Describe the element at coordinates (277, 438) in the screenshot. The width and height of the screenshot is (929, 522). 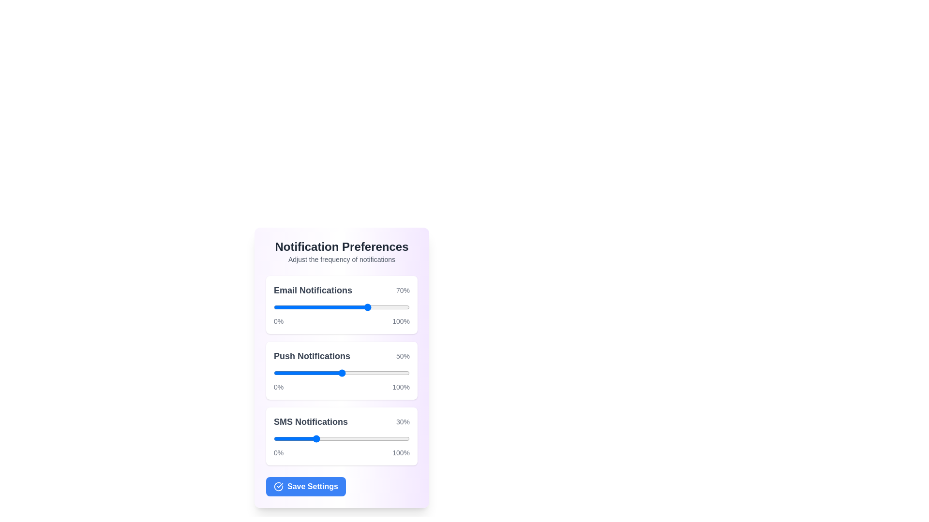
I see `the SMS Notifications slider` at that location.